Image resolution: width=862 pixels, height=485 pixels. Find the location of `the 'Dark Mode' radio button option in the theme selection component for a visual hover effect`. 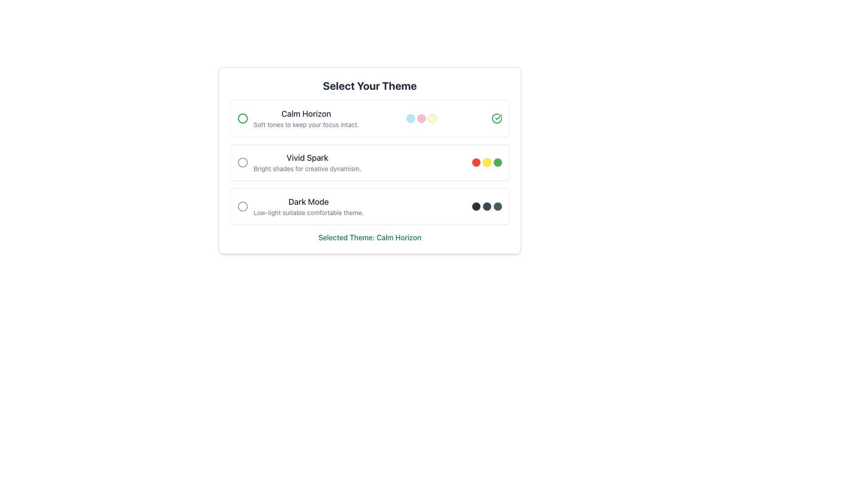

the 'Dark Mode' radio button option in the theme selection component for a visual hover effect is located at coordinates (370, 206).